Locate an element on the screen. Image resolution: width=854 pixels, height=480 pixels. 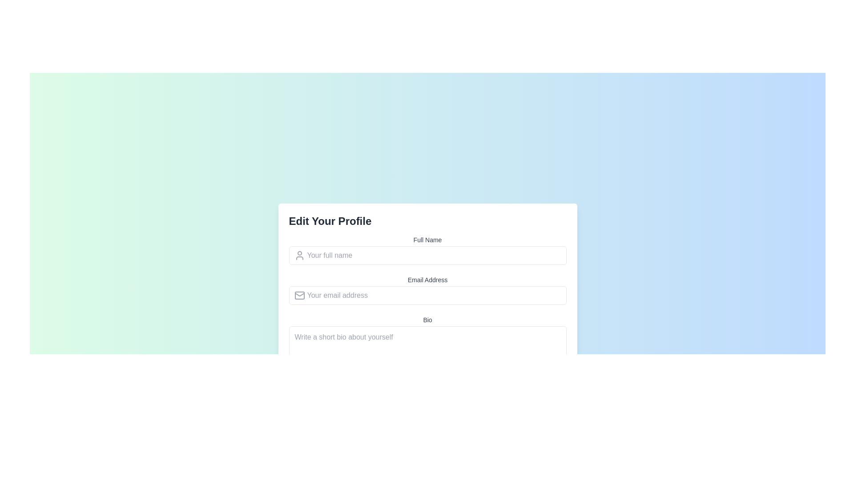
the user silhouette icon, which is styled in gray and positioned to the left of the 'Your full name' text input field is located at coordinates (299, 255).